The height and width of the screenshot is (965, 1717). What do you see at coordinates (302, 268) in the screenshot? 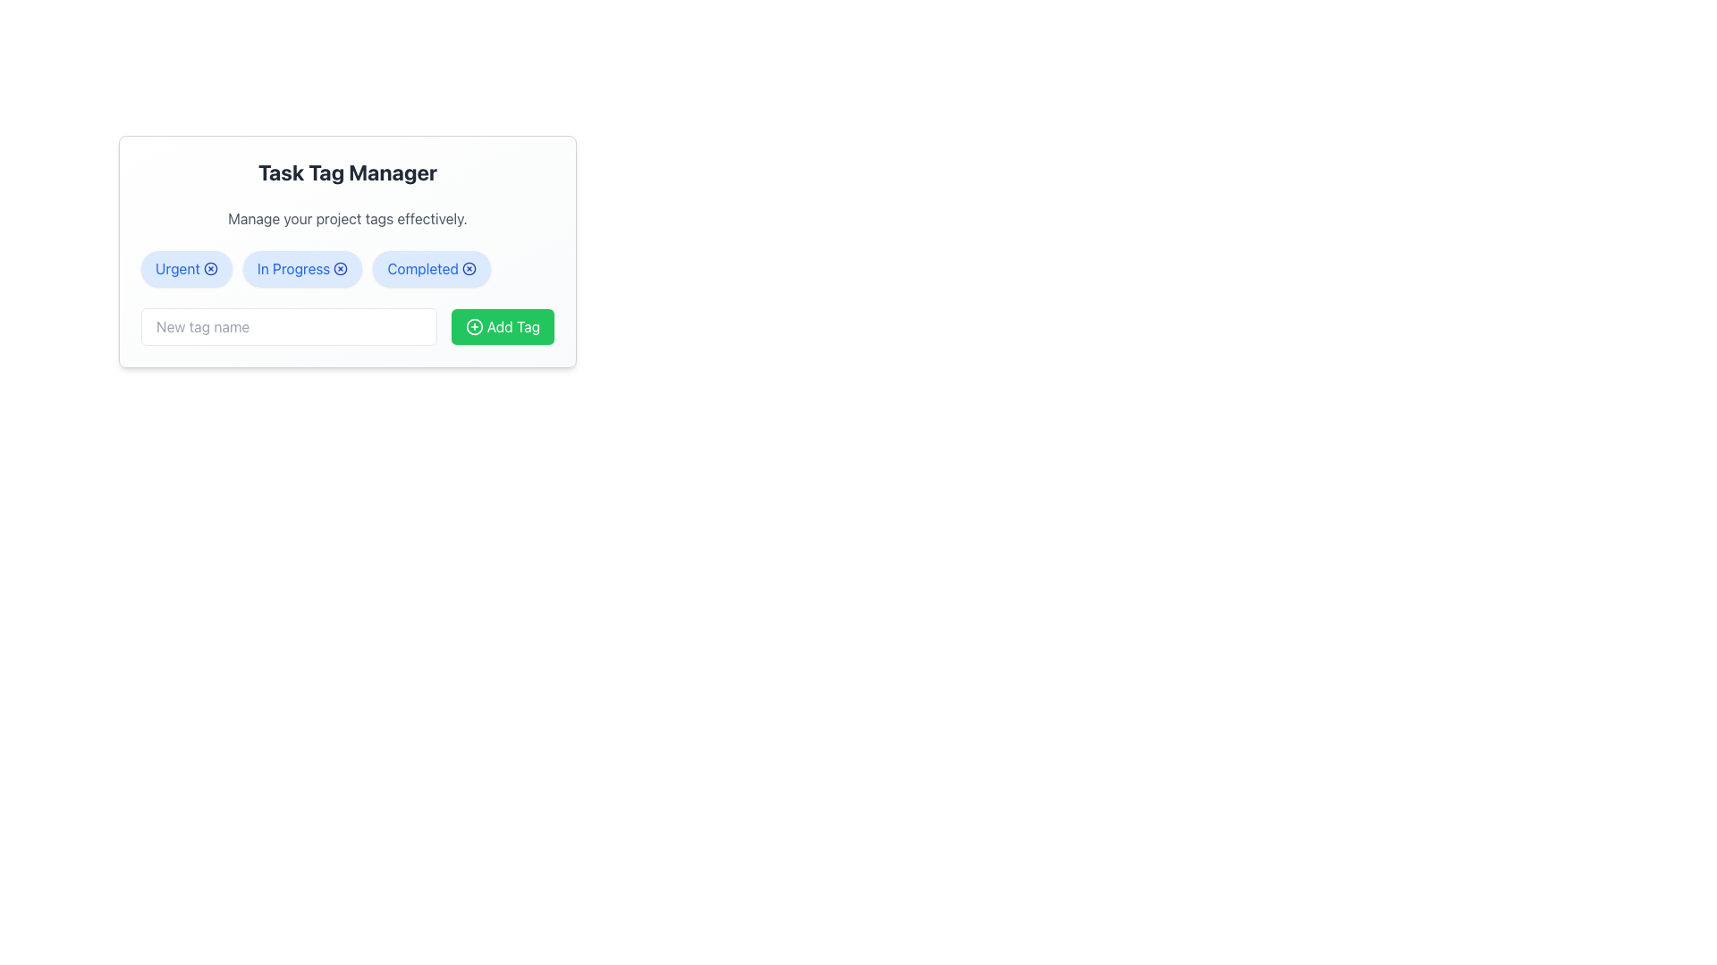
I see `the 'In Progress' Status Tag, which is a rounded rectangle with a light blue background and blue text, located between the 'Urgent' and 'Completed' tags` at bounding box center [302, 268].